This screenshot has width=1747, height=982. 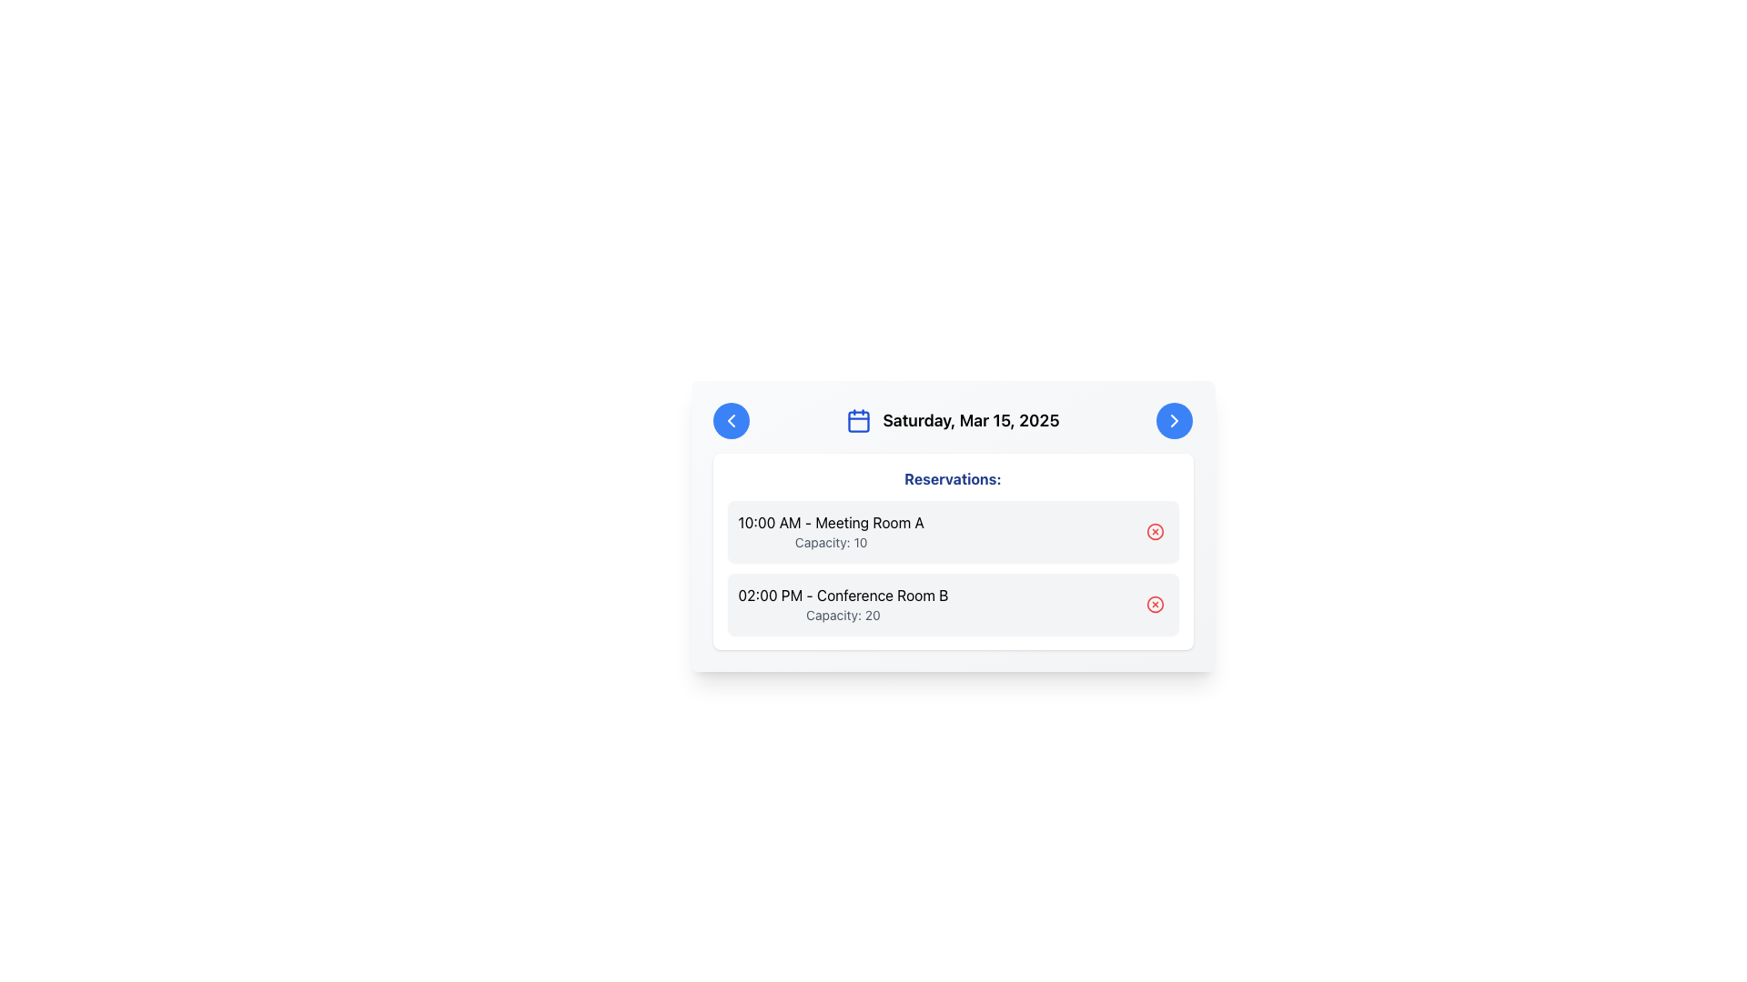 What do you see at coordinates (952, 604) in the screenshot?
I see `the second reservation list item for 'Conference Room B' at '02:00 PM'` at bounding box center [952, 604].